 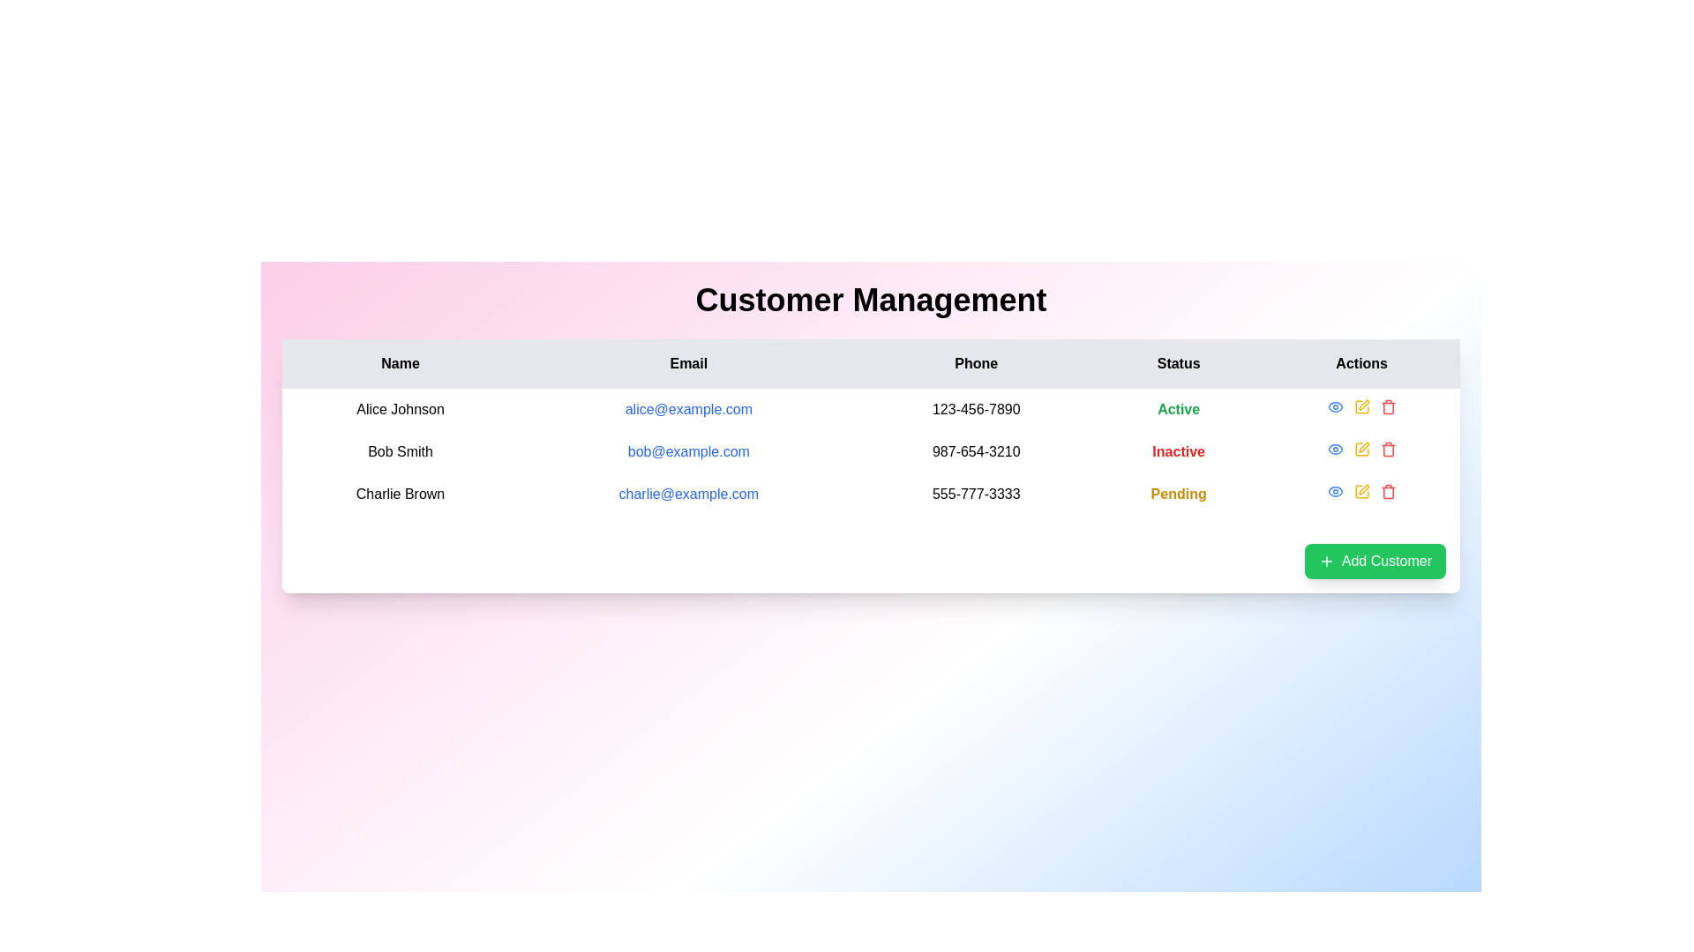 I want to click on the pen-shaped icon in the 'Actions' column of the third row in the table to initiate the edit action, so click(x=1362, y=446).